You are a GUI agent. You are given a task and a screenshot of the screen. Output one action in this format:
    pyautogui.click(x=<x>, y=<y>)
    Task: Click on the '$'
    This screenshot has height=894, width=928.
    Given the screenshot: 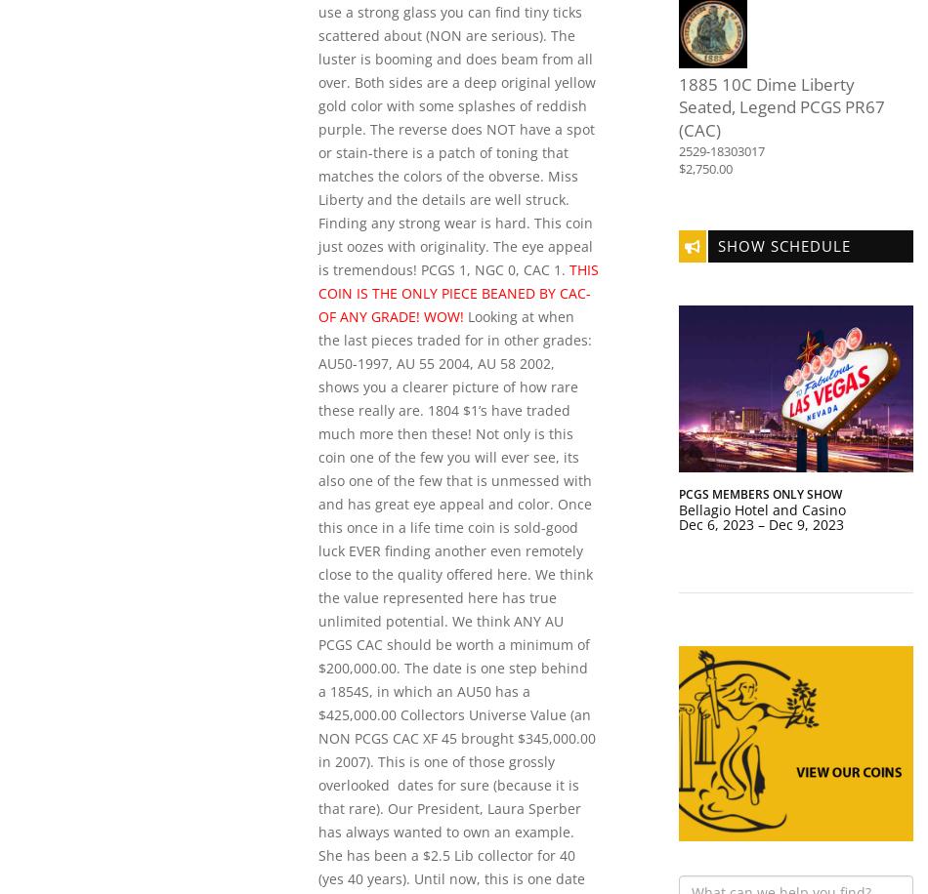 What is the action you would take?
    pyautogui.click(x=679, y=168)
    